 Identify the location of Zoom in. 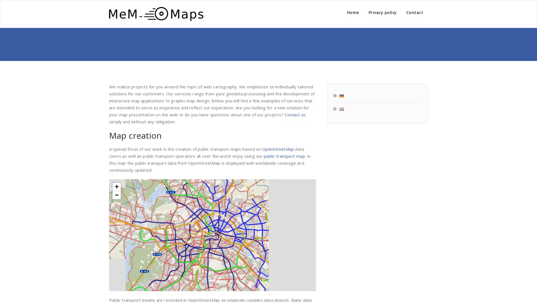
(116, 187).